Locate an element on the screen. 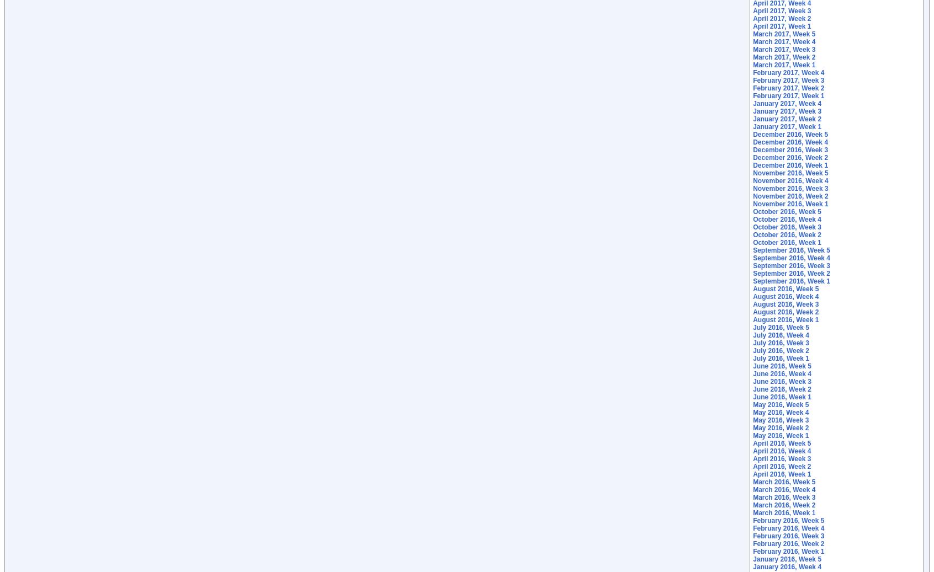 The height and width of the screenshot is (572, 934). 'January 2017, Week 1' is located at coordinates (752, 126).